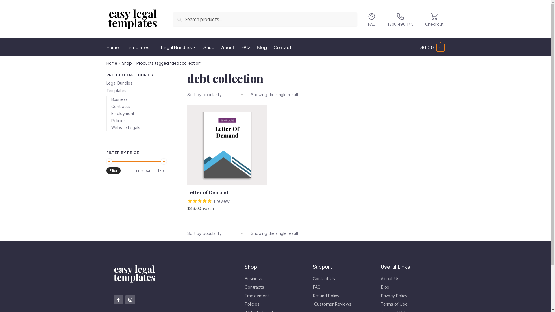 The width and height of the screenshot is (555, 312). I want to click on 'Letter of Demand', so click(227, 193).